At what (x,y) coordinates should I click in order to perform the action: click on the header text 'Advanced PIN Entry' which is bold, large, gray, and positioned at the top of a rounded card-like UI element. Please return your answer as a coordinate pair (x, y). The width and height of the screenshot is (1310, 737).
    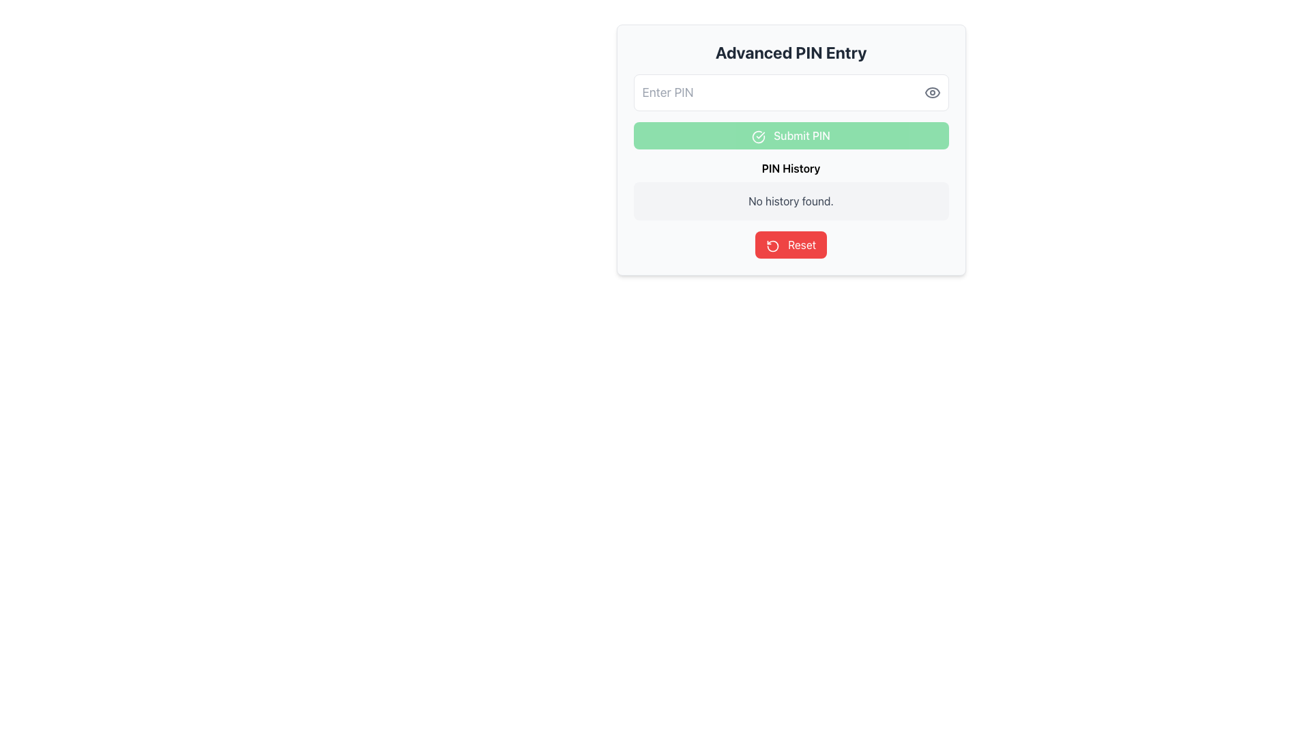
    Looking at the image, I should click on (791, 52).